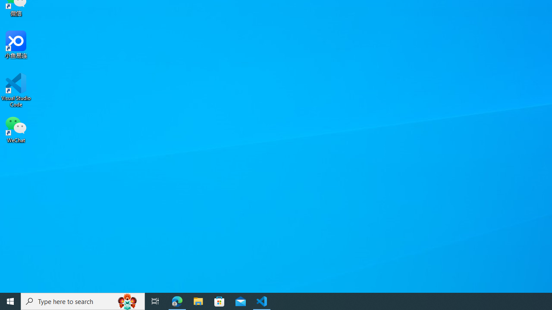 This screenshot has height=310, width=552. What do you see at coordinates (261, 301) in the screenshot?
I see `'Visual Studio Code - 1 running window'` at bounding box center [261, 301].